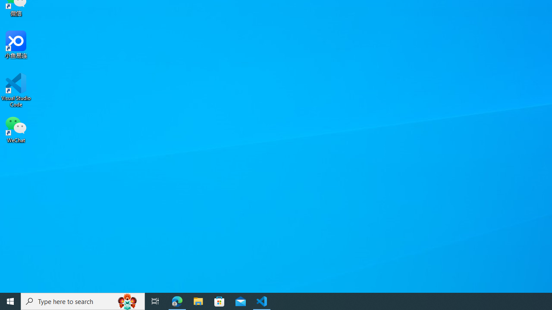 This screenshot has height=310, width=552. What do you see at coordinates (261, 301) in the screenshot?
I see `'Visual Studio Code - 1 running window'` at bounding box center [261, 301].